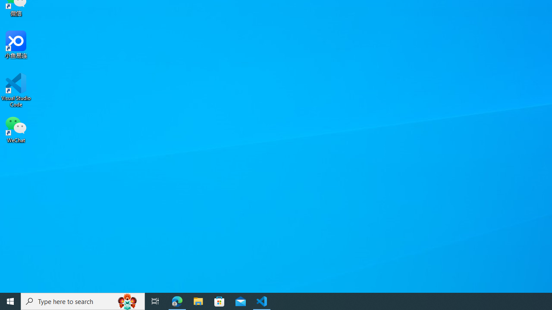 This screenshot has height=310, width=552. What do you see at coordinates (261, 301) in the screenshot?
I see `'Visual Studio Code - 1 running window'` at bounding box center [261, 301].